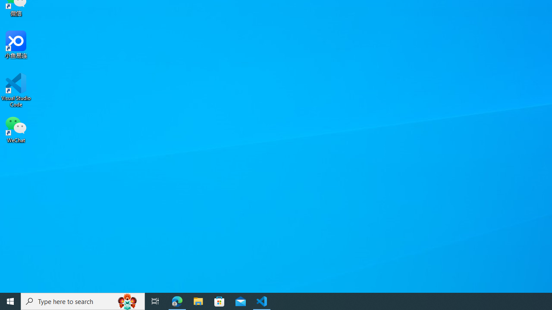 This screenshot has height=310, width=552. What do you see at coordinates (261, 301) in the screenshot?
I see `'Visual Studio Code - 1 running window'` at bounding box center [261, 301].